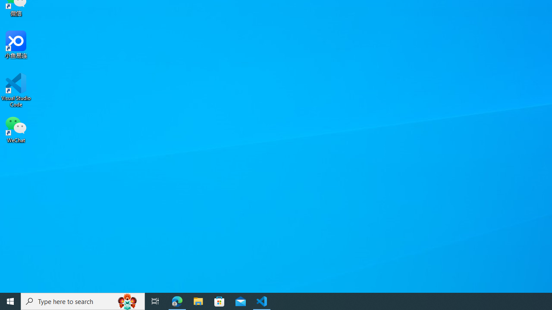 This screenshot has height=310, width=552. What do you see at coordinates (261, 301) in the screenshot?
I see `'Visual Studio Code - 1 running window'` at bounding box center [261, 301].